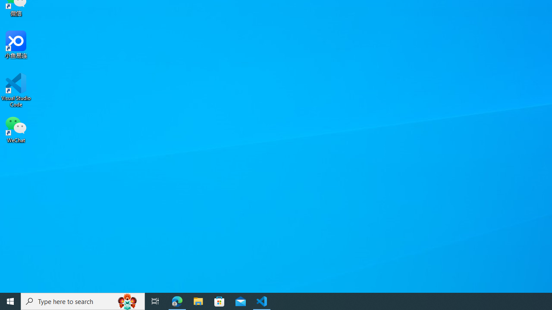 This screenshot has height=310, width=552. What do you see at coordinates (261, 301) in the screenshot?
I see `'Visual Studio Code - 1 running window'` at bounding box center [261, 301].